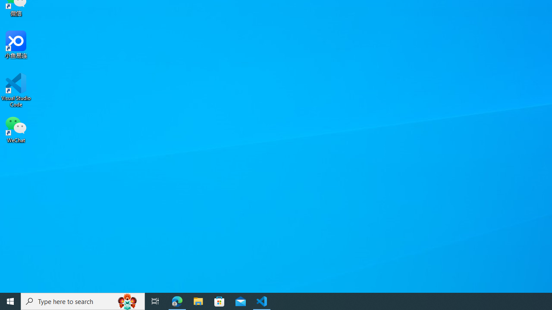 This screenshot has height=310, width=552. What do you see at coordinates (261, 301) in the screenshot?
I see `'Visual Studio Code - 1 running window'` at bounding box center [261, 301].